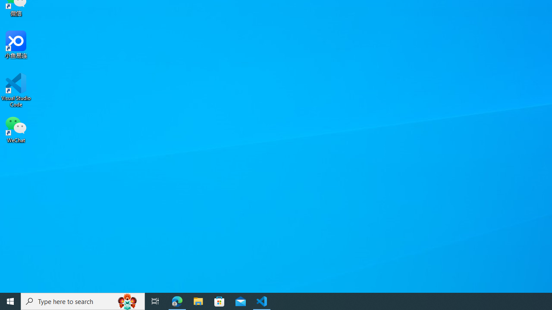 This screenshot has height=310, width=552. What do you see at coordinates (261, 301) in the screenshot?
I see `'Visual Studio Code - 1 running window'` at bounding box center [261, 301].